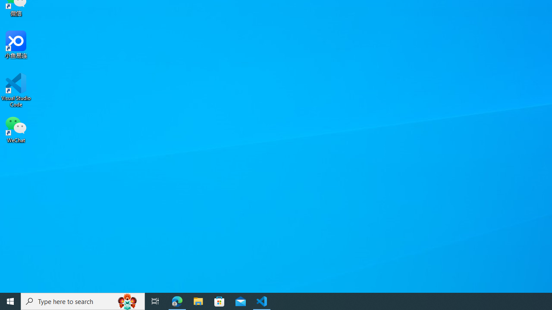 This screenshot has height=310, width=552. What do you see at coordinates (261, 301) in the screenshot?
I see `'Visual Studio Code - 1 running window'` at bounding box center [261, 301].